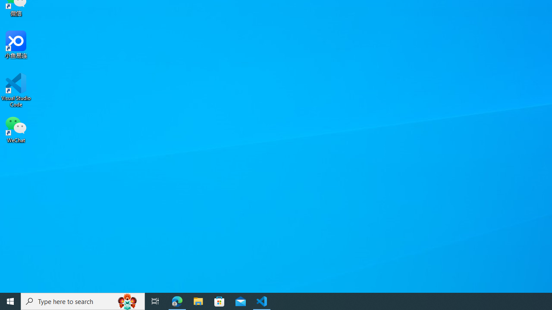 This screenshot has height=310, width=552. What do you see at coordinates (261, 301) in the screenshot?
I see `'Visual Studio Code - 1 running window'` at bounding box center [261, 301].